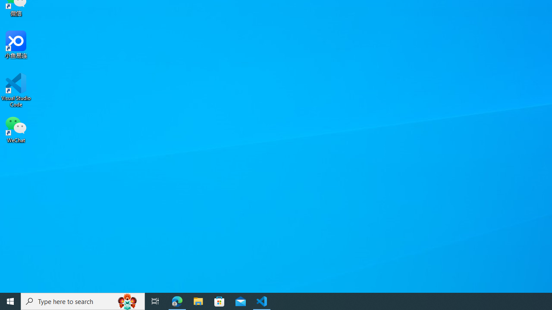 This screenshot has height=310, width=552. What do you see at coordinates (261, 301) in the screenshot?
I see `'Visual Studio Code - 1 running window'` at bounding box center [261, 301].